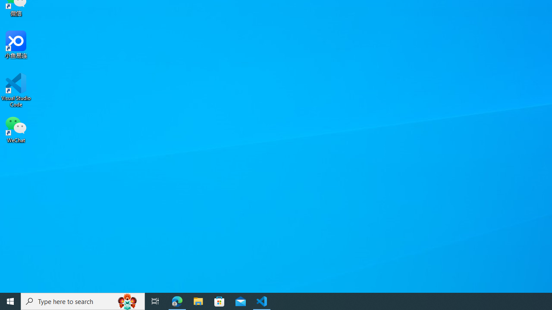 This screenshot has height=310, width=552. What do you see at coordinates (261, 301) in the screenshot?
I see `'Visual Studio Code - 1 running window'` at bounding box center [261, 301].